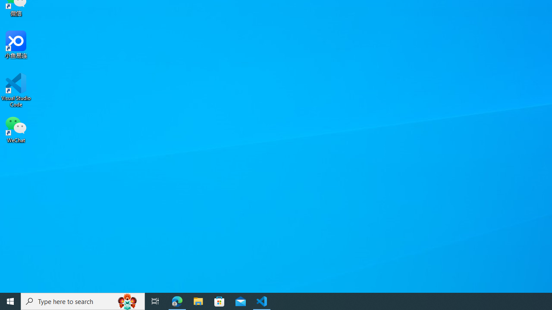 This screenshot has height=310, width=552. What do you see at coordinates (261, 301) in the screenshot?
I see `'Visual Studio Code - 1 running window'` at bounding box center [261, 301].